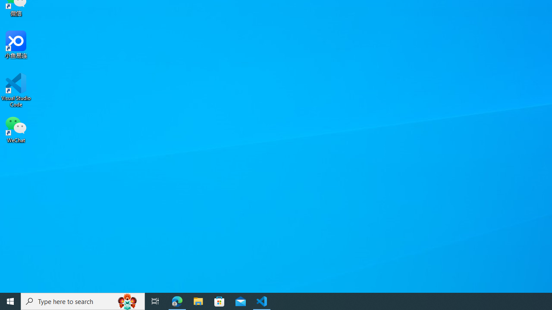 This screenshot has height=310, width=552. What do you see at coordinates (261, 301) in the screenshot?
I see `'Visual Studio Code - 1 running window'` at bounding box center [261, 301].